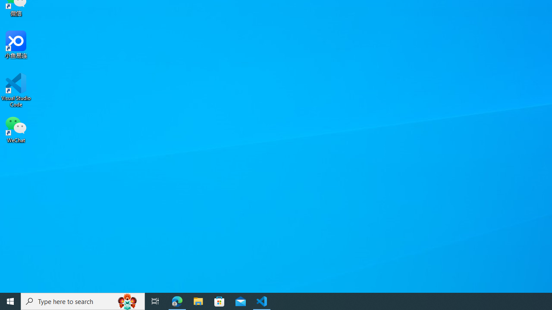 This screenshot has height=310, width=552. What do you see at coordinates (261, 301) in the screenshot?
I see `'Visual Studio Code - 1 running window'` at bounding box center [261, 301].